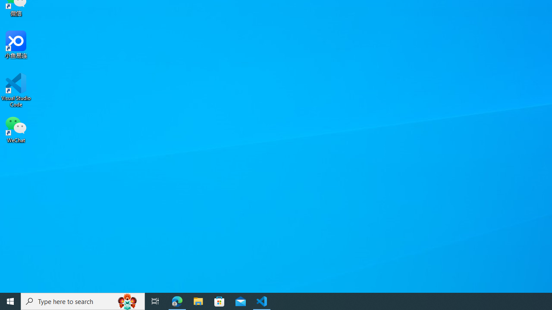 This screenshot has height=310, width=552. What do you see at coordinates (261, 301) in the screenshot?
I see `'Visual Studio Code - 1 running window'` at bounding box center [261, 301].